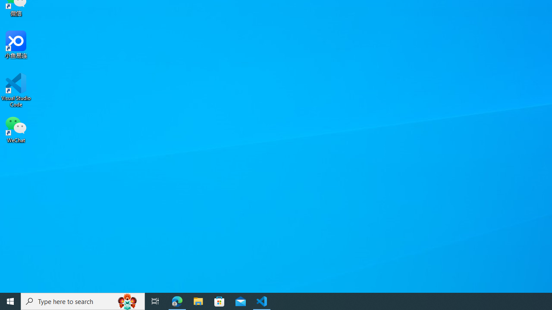 This screenshot has height=310, width=552. What do you see at coordinates (261, 301) in the screenshot?
I see `'Visual Studio Code - 1 running window'` at bounding box center [261, 301].